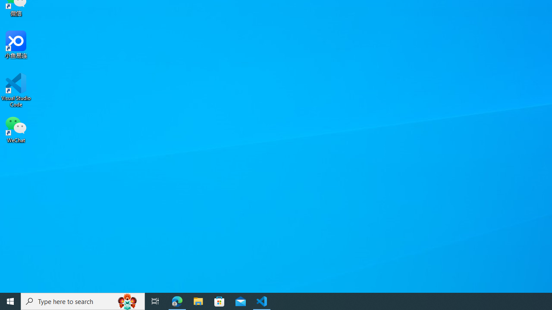 This screenshot has height=310, width=552. What do you see at coordinates (261, 301) in the screenshot?
I see `'Visual Studio Code - 1 running window'` at bounding box center [261, 301].